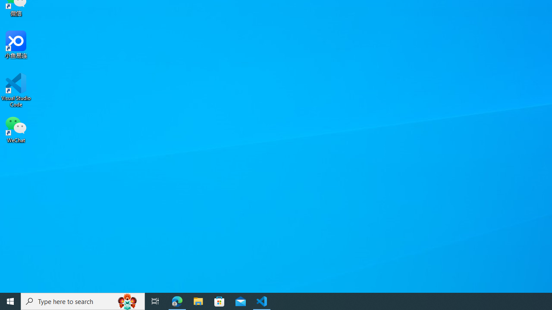 This screenshot has height=310, width=552. What do you see at coordinates (261, 301) in the screenshot?
I see `'Visual Studio Code - 1 running window'` at bounding box center [261, 301].